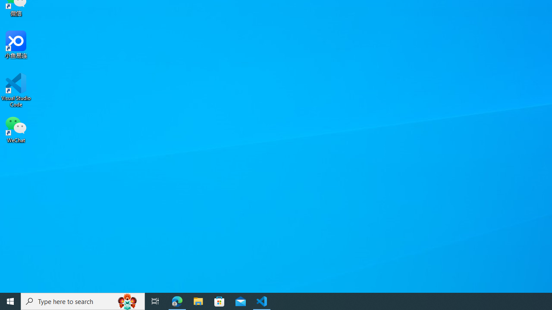 This screenshot has height=310, width=552. What do you see at coordinates (261, 301) in the screenshot?
I see `'Visual Studio Code - 1 running window'` at bounding box center [261, 301].